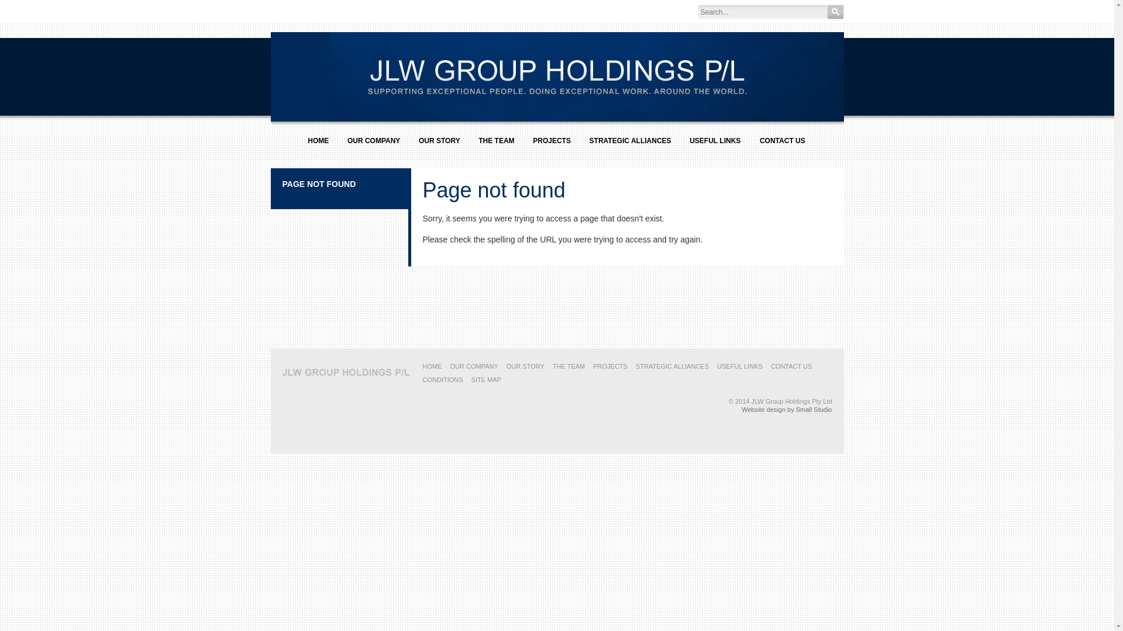 The image size is (1123, 631). What do you see at coordinates (300, 145) in the screenshot?
I see `'HOME'` at bounding box center [300, 145].